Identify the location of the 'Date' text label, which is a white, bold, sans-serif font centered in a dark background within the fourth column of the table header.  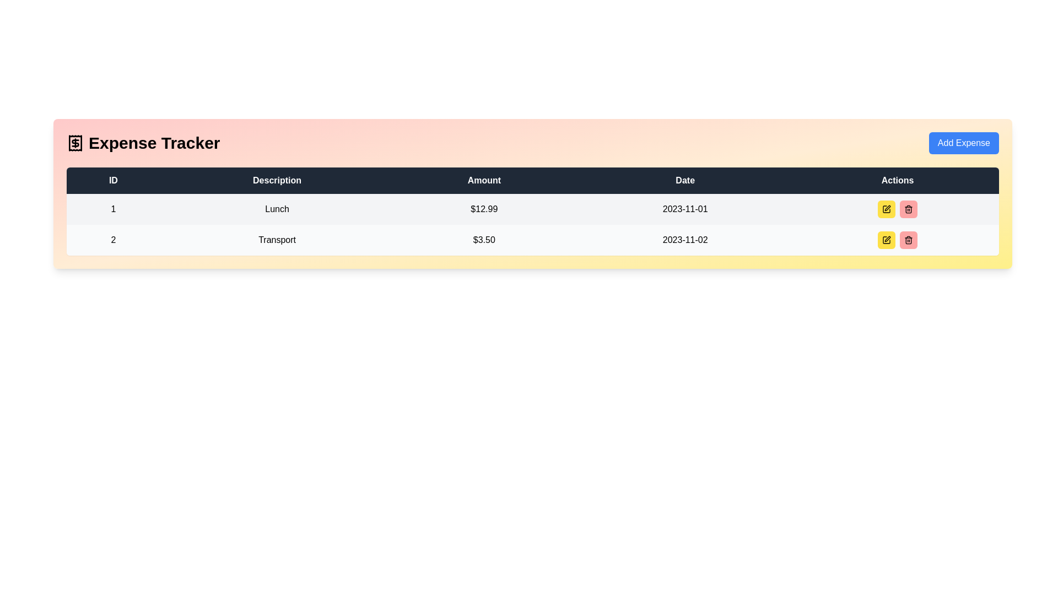
(684, 180).